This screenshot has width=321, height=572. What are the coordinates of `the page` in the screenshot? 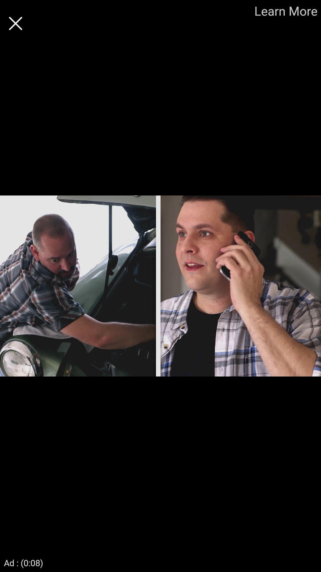 It's located at (15, 23).